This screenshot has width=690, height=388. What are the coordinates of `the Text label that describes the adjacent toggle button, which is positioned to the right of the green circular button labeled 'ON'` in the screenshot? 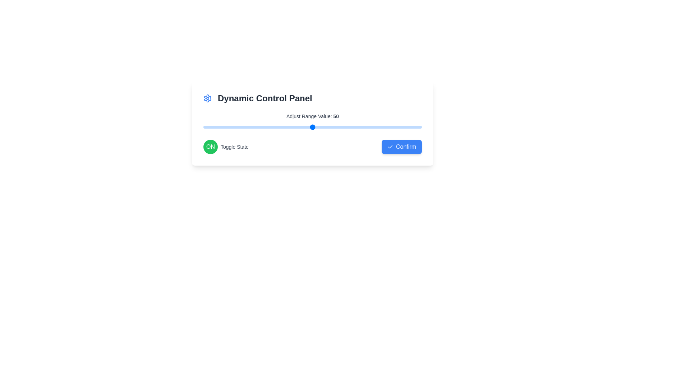 It's located at (234, 146).